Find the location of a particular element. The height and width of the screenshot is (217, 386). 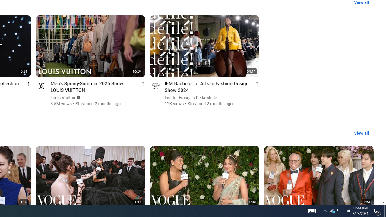

'Louis Vuitton' is located at coordinates (63, 97).